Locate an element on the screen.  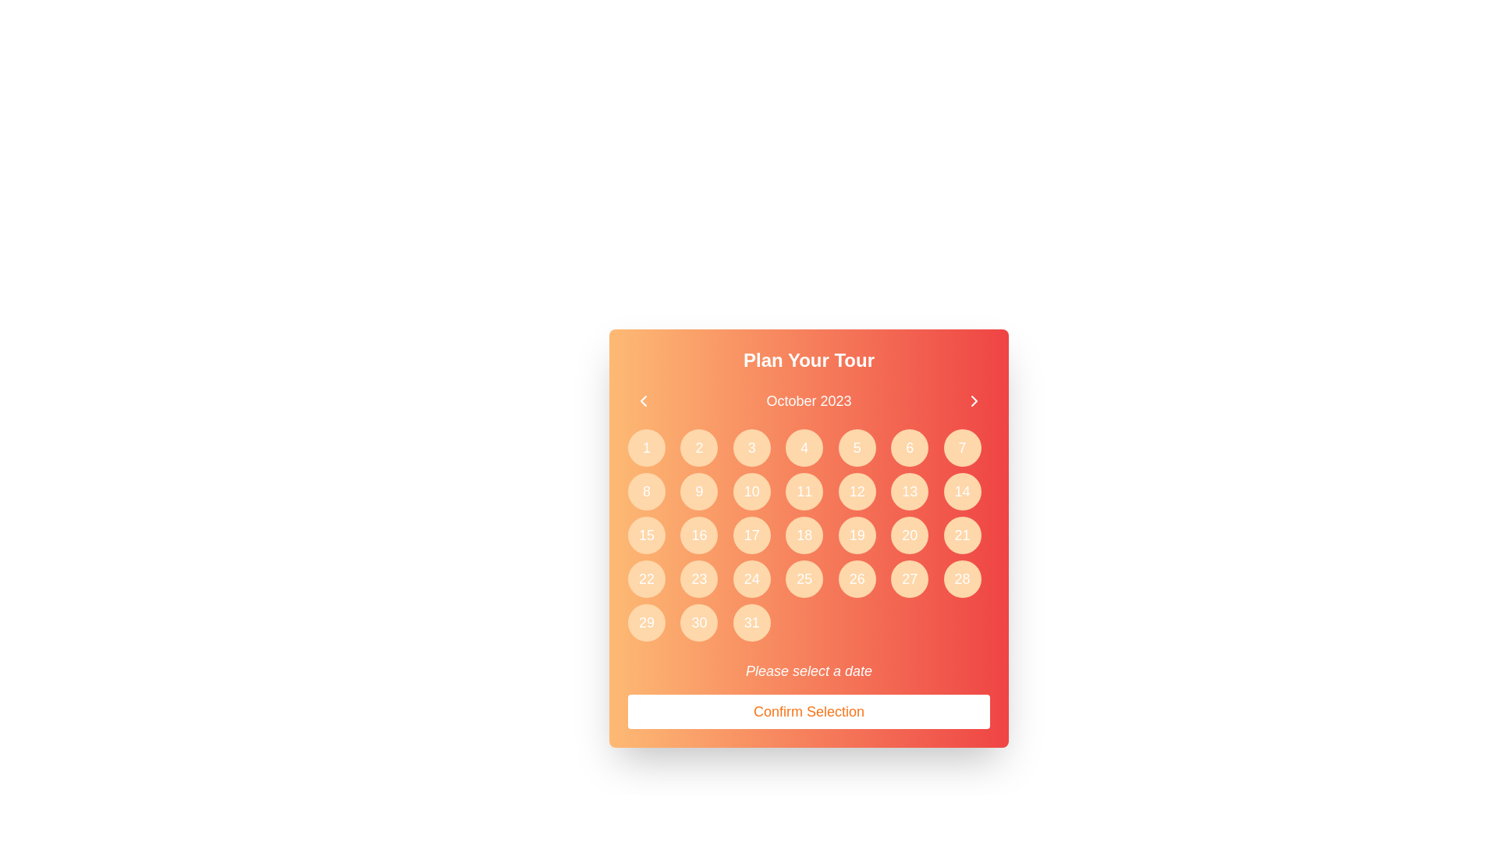
the calendar button marked '28' located is located at coordinates (961, 578).